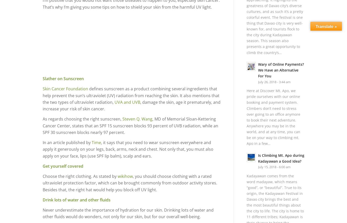  I want to click on 'Wary of Online Payments? We Have an Alternative For You', so click(280, 70).